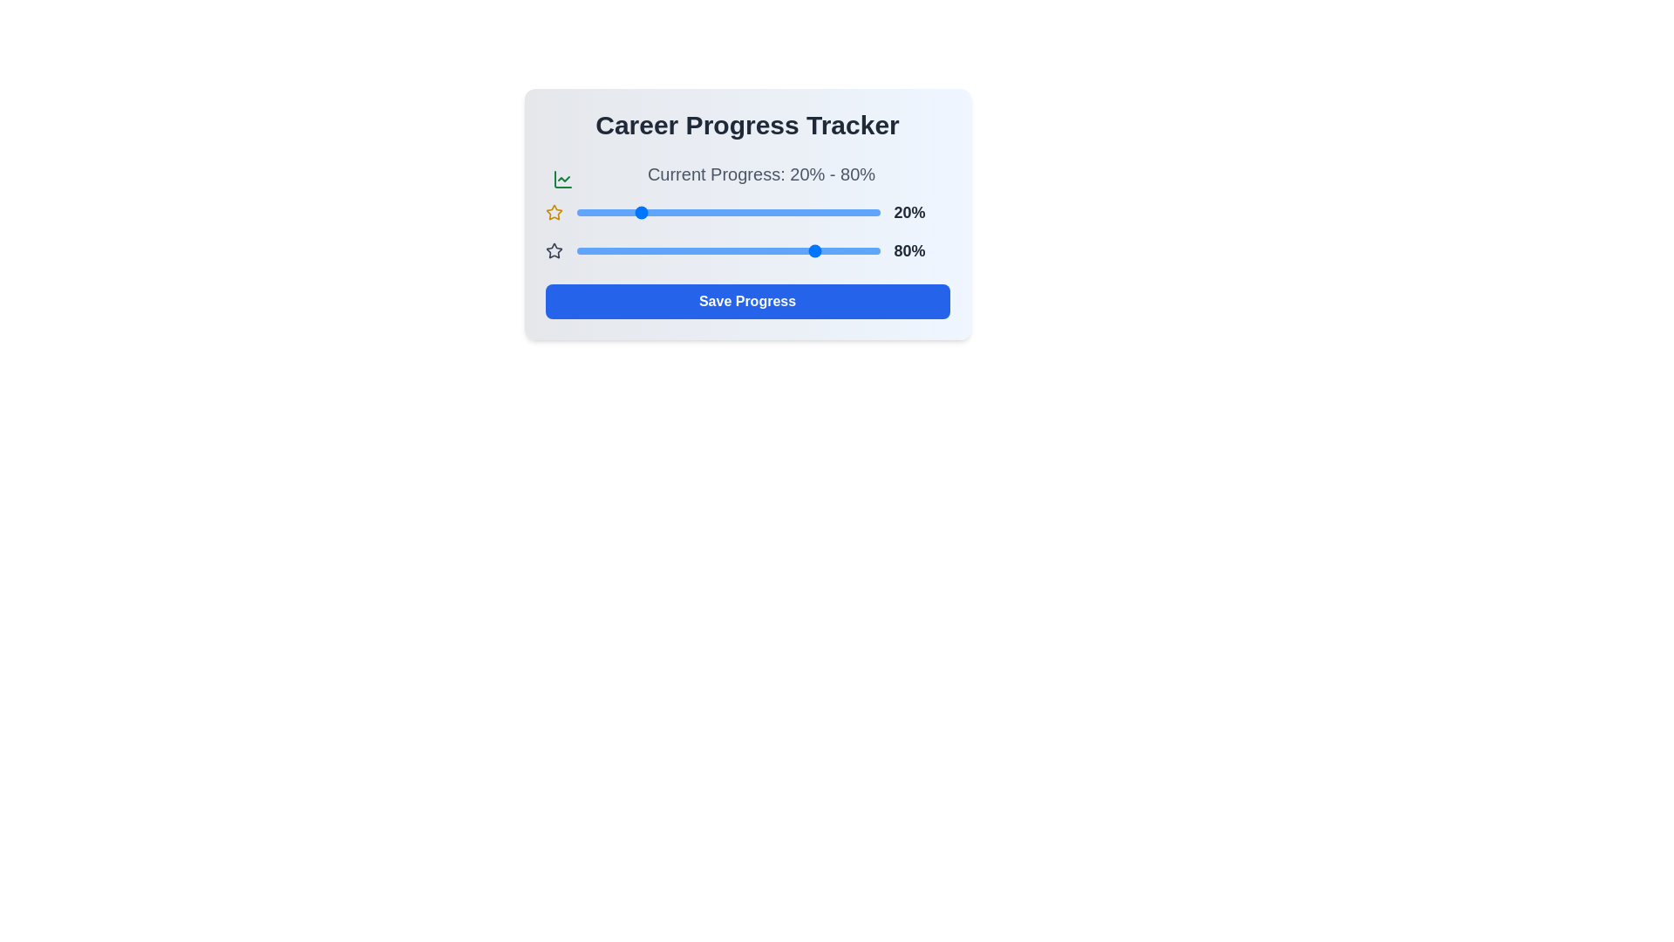 The width and height of the screenshot is (1674, 942). Describe the element at coordinates (601, 211) in the screenshot. I see `the progress slider for the first value to 8%` at that location.